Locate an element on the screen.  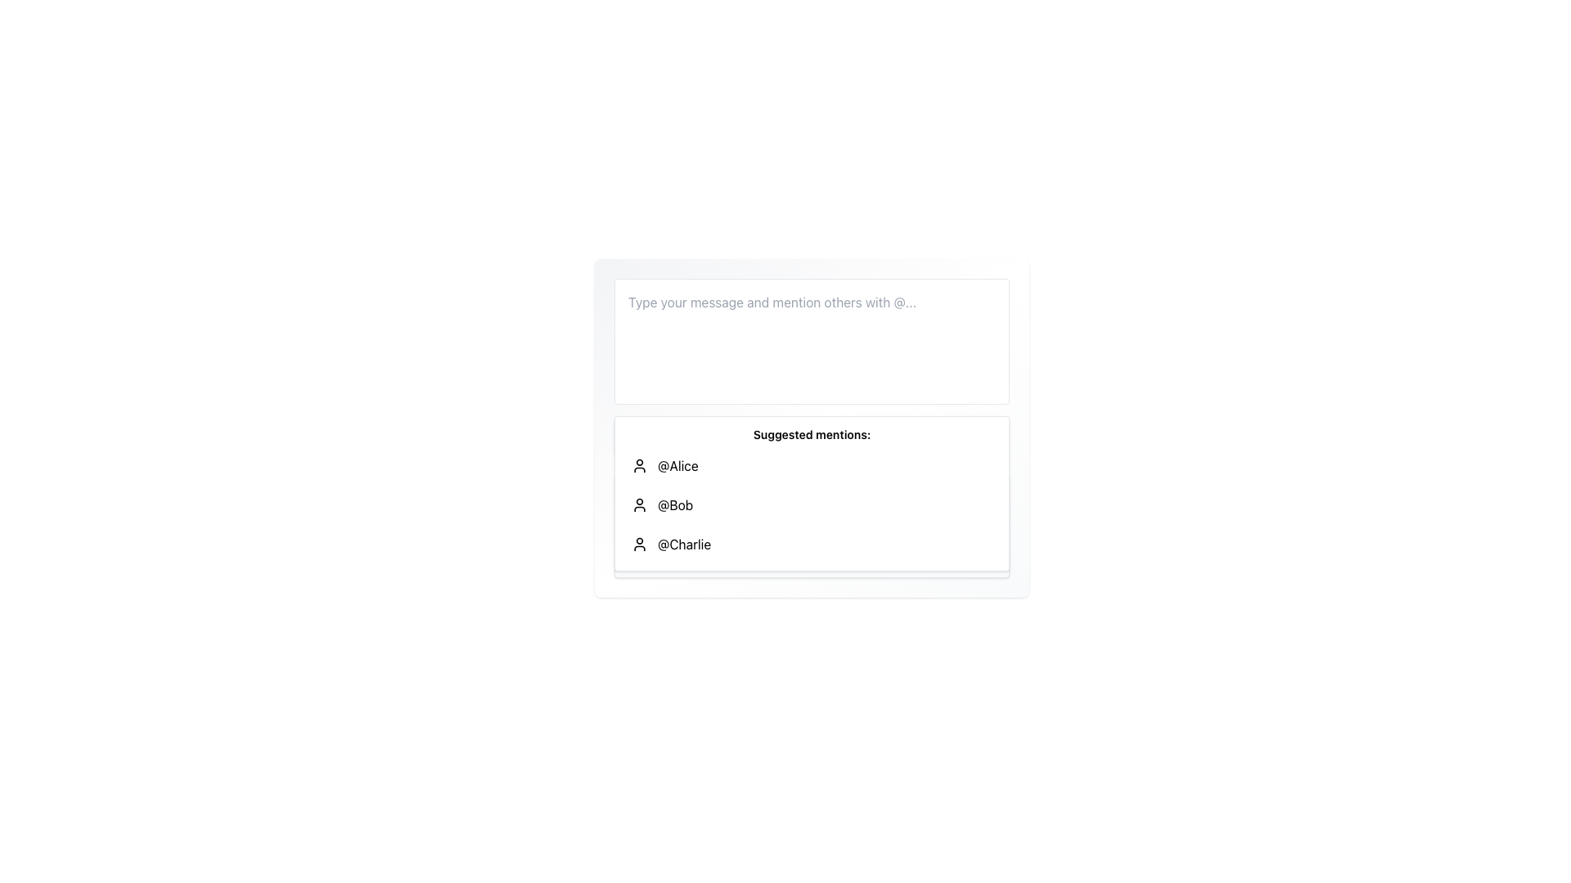
the Dropdown menu (suggestions list) that provides user suggestions for tagging or mentioning while composing a message is located at coordinates (812, 493).